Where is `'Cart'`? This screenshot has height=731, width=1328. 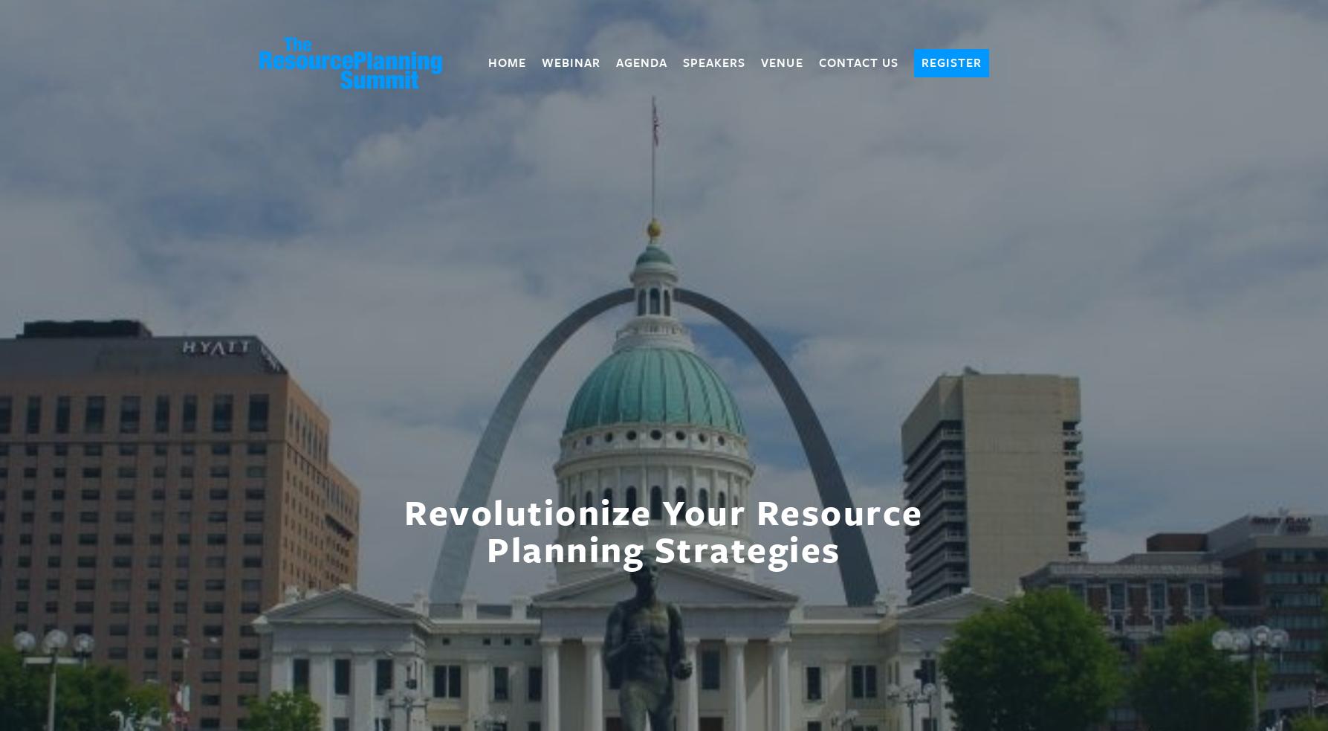 'Cart' is located at coordinates (1037, 62).